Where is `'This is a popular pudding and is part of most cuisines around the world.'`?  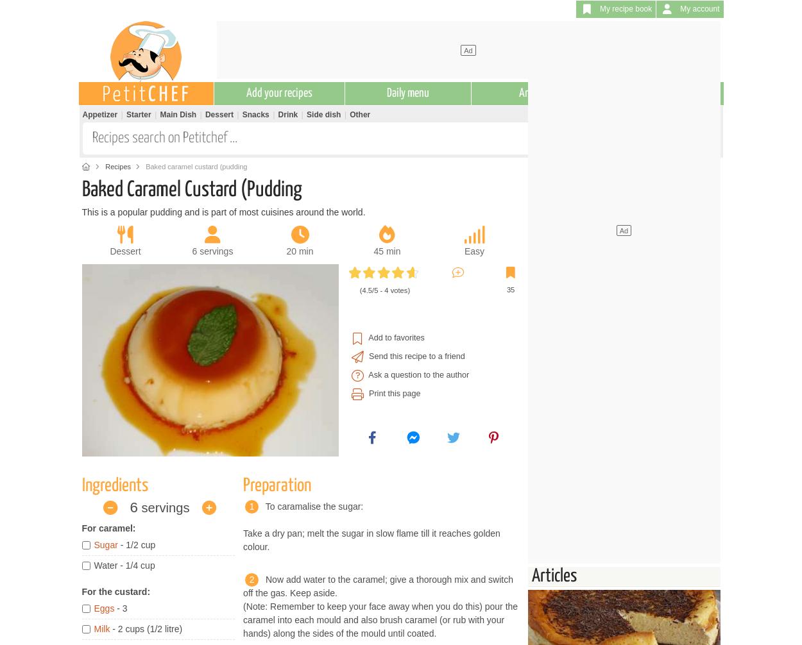
'This is a popular pudding and is part of most cuisines around the world.' is located at coordinates (223, 210).